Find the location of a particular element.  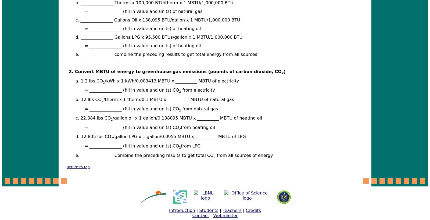

'from natural gas' is located at coordinates (199, 108).